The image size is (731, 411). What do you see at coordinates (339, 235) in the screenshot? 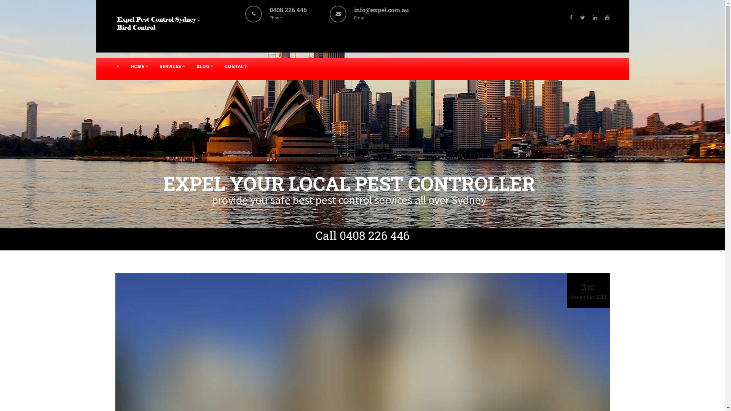
I see `'0408 226 446'` at bounding box center [339, 235].